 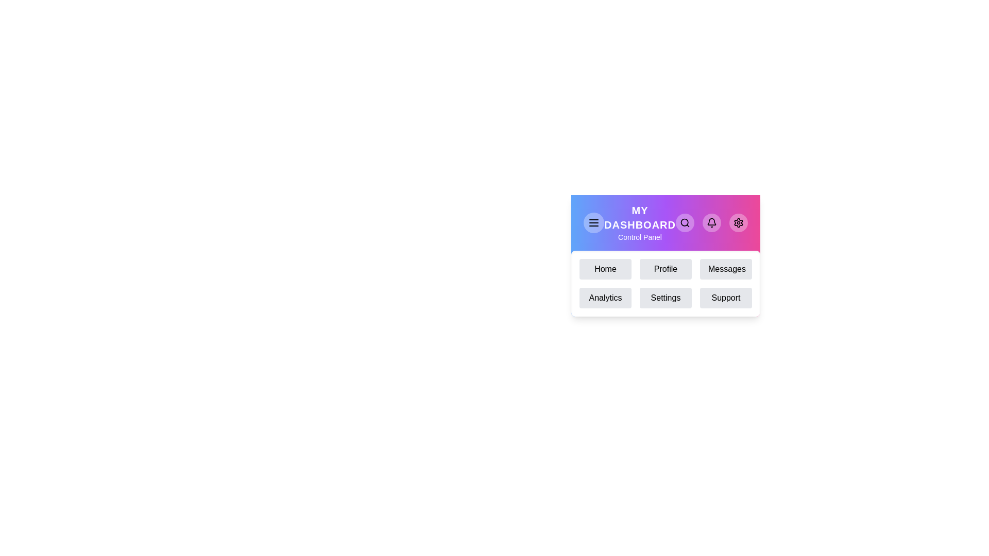 I want to click on the menu item Settings to navigate to the corresponding section, so click(x=666, y=298).